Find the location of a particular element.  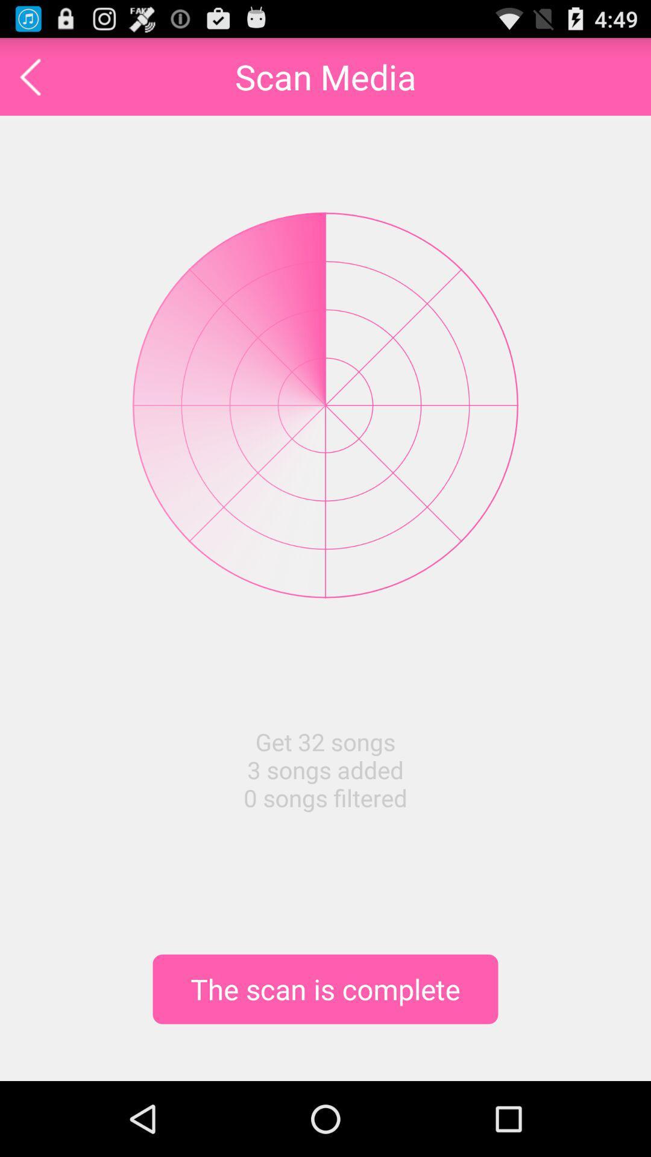

the the scan is icon is located at coordinates (325, 989).